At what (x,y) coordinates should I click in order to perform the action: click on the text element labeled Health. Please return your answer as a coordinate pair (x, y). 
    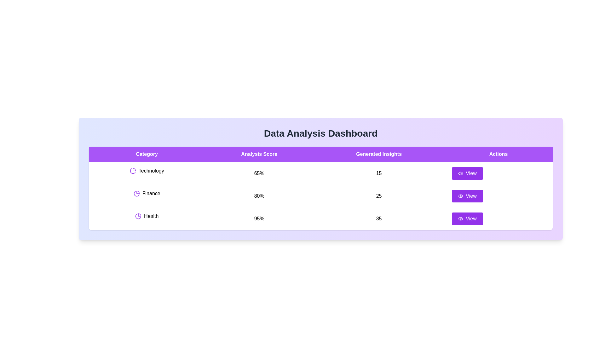
    Looking at the image, I should click on (147, 216).